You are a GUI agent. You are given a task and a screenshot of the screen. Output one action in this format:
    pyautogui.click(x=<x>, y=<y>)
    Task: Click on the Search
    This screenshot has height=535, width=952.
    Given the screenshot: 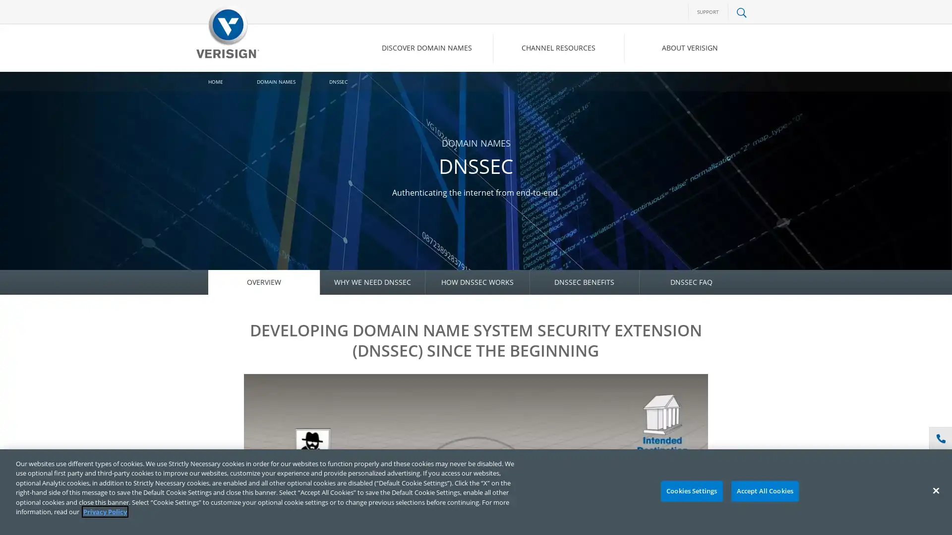 What is the action you would take?
    pyautogui.click(x=661, y=90)
    